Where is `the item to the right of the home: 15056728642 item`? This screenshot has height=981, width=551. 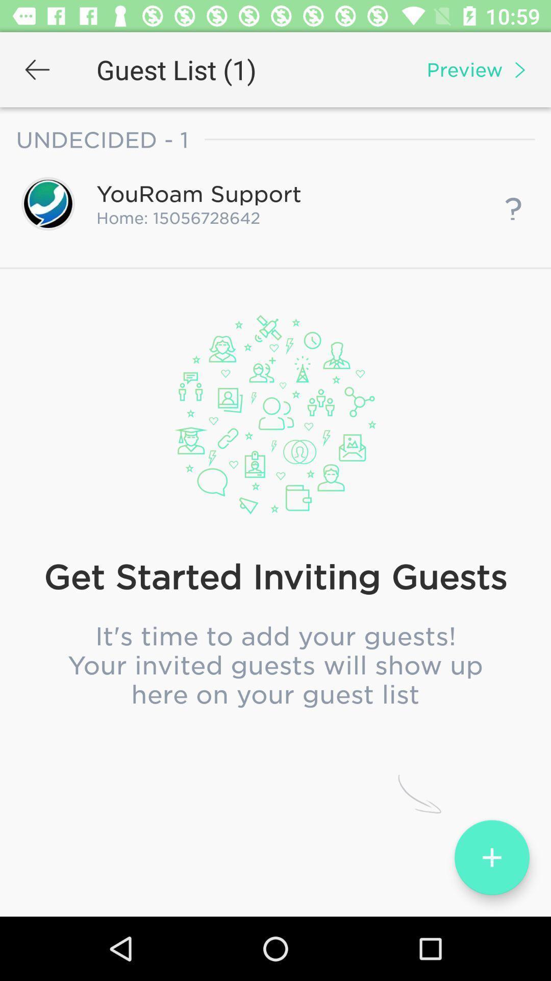
the item to the right of the home: 15056728642 item is located at coordinates (513, 203).